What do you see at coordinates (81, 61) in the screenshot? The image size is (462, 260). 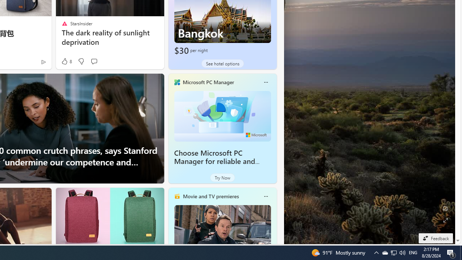 I see `'Dislike'` at bounding box center [81, 61].